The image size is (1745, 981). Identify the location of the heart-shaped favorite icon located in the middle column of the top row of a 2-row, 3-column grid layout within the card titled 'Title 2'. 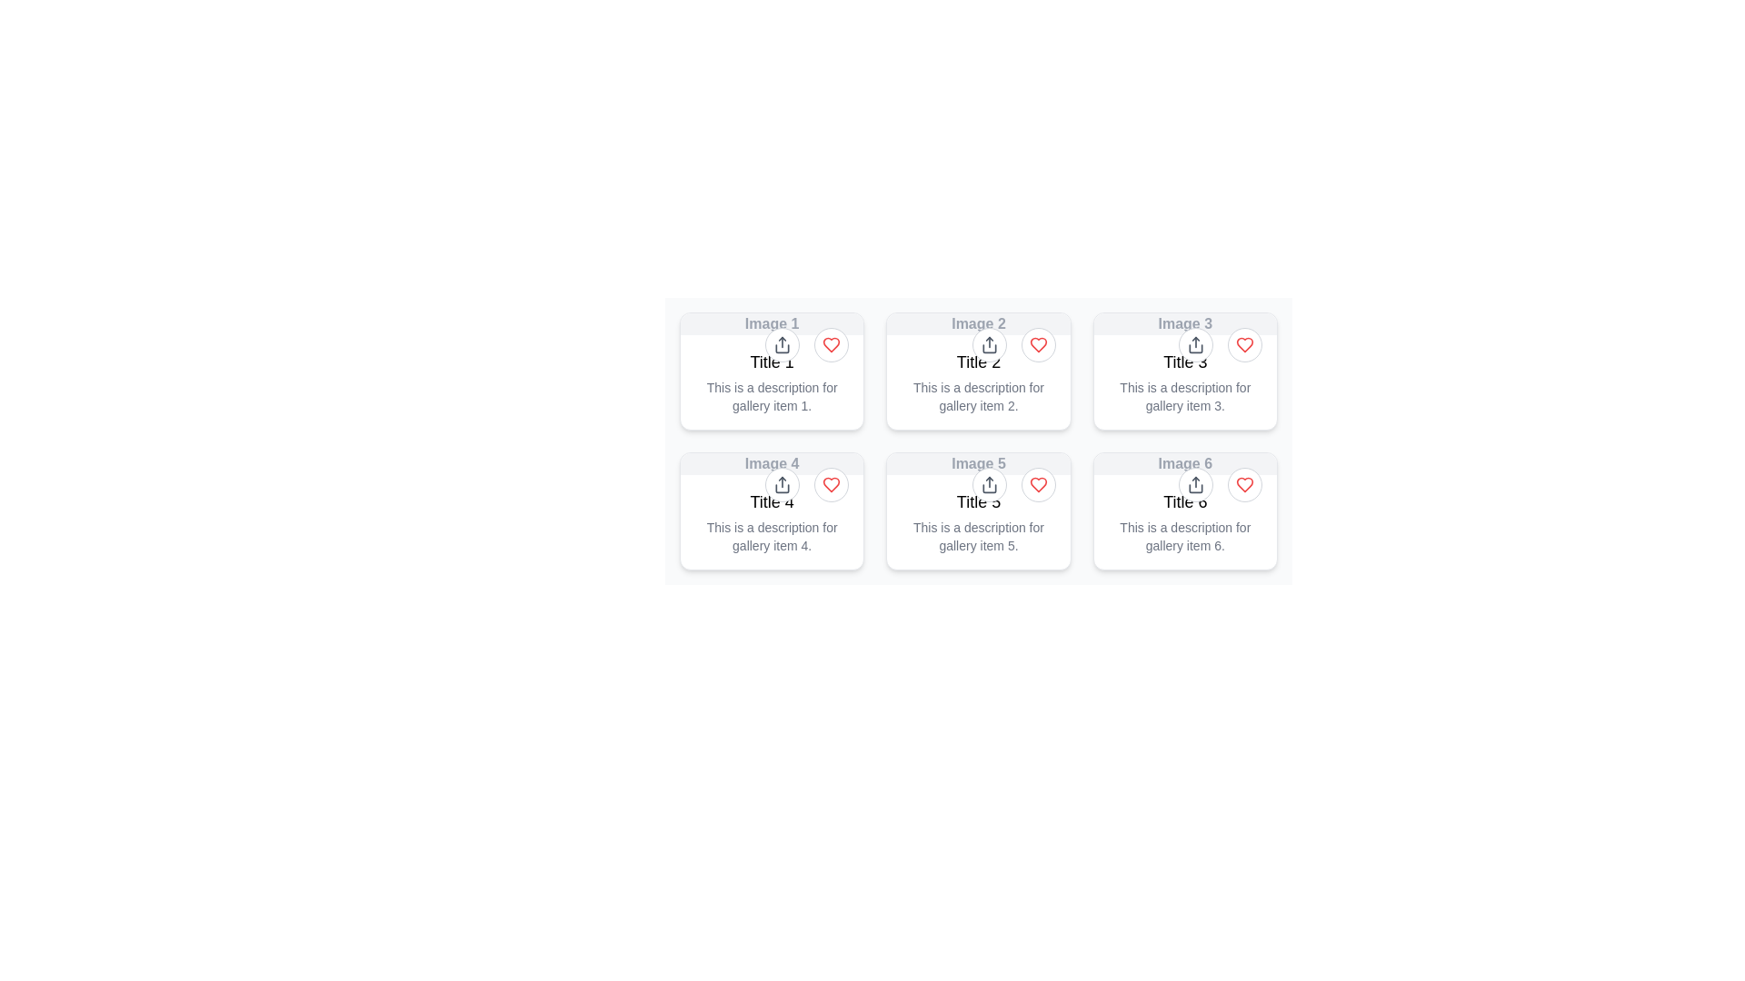
(1038, 345).